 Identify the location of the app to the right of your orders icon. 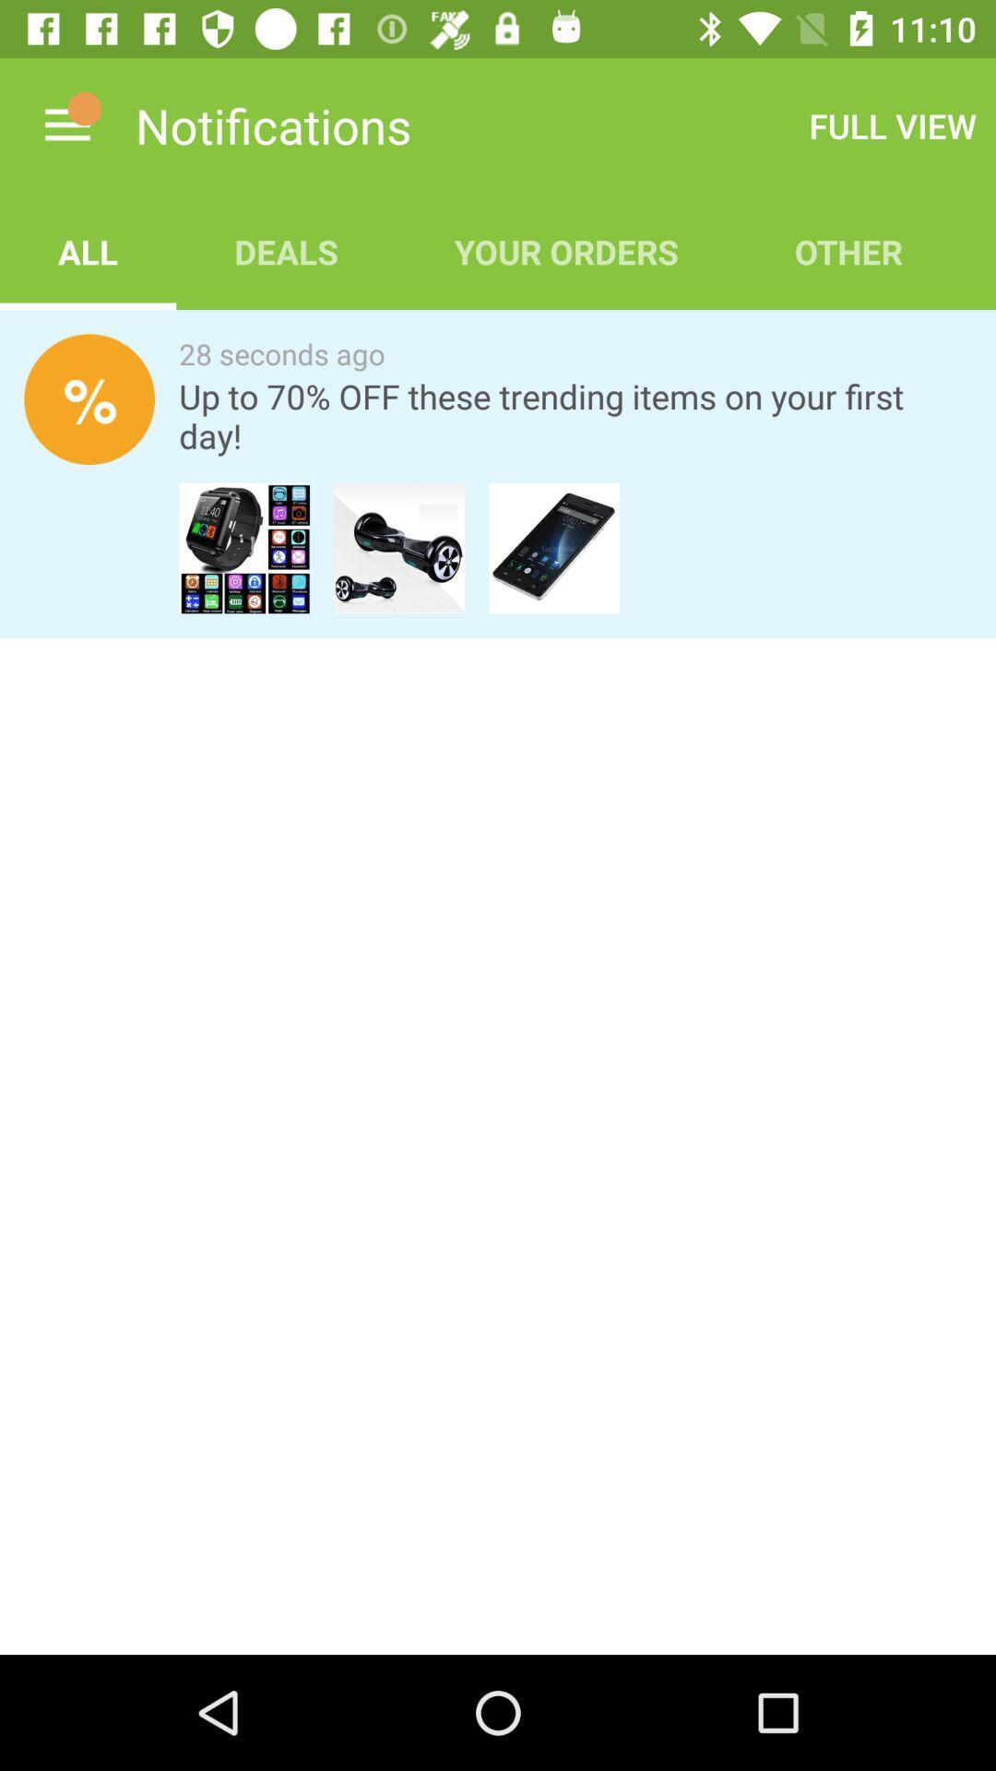
(892, 125).